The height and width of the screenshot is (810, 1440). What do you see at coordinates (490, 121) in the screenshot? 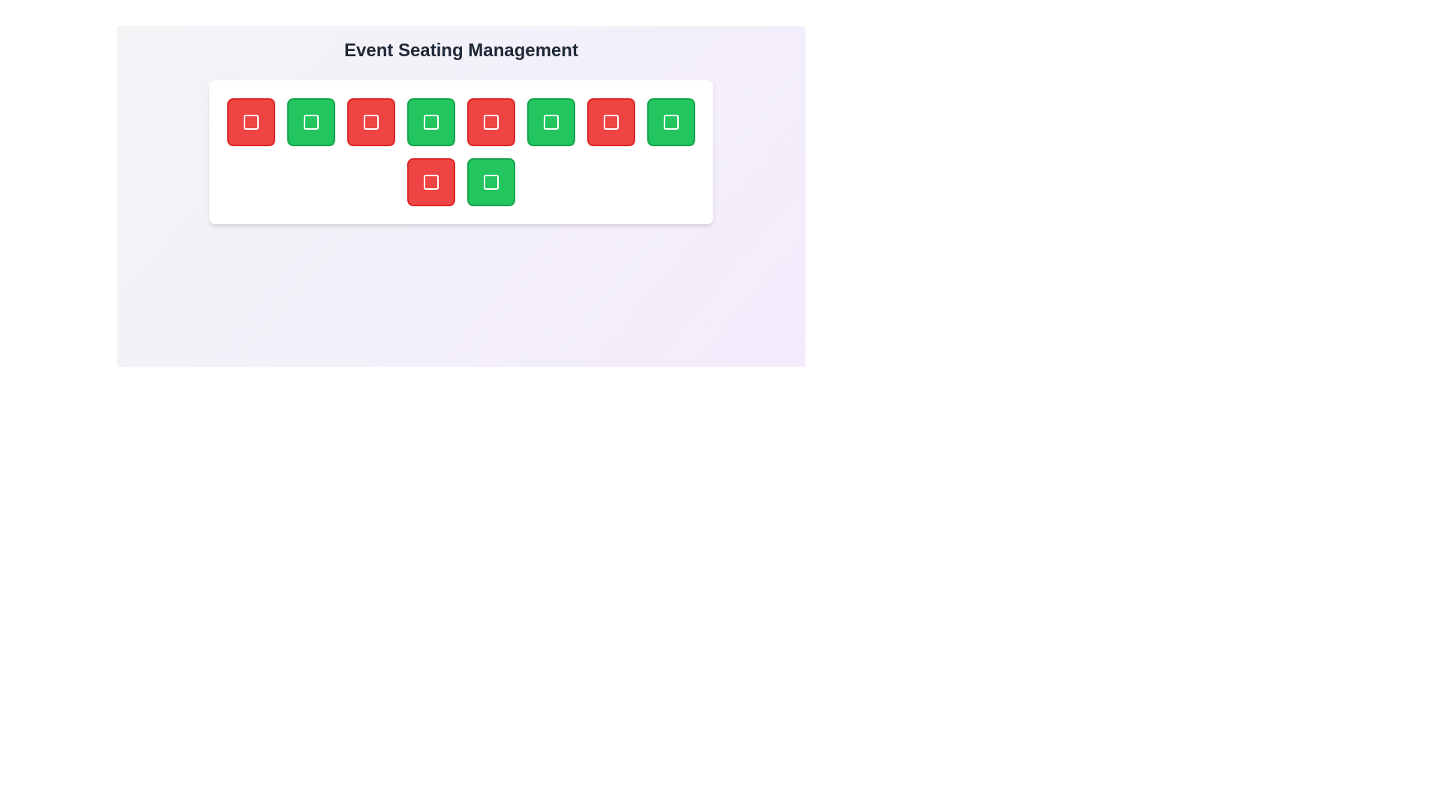
I see `the fifth interactive selectable button representing a seat` at bounding box center [490, 121].